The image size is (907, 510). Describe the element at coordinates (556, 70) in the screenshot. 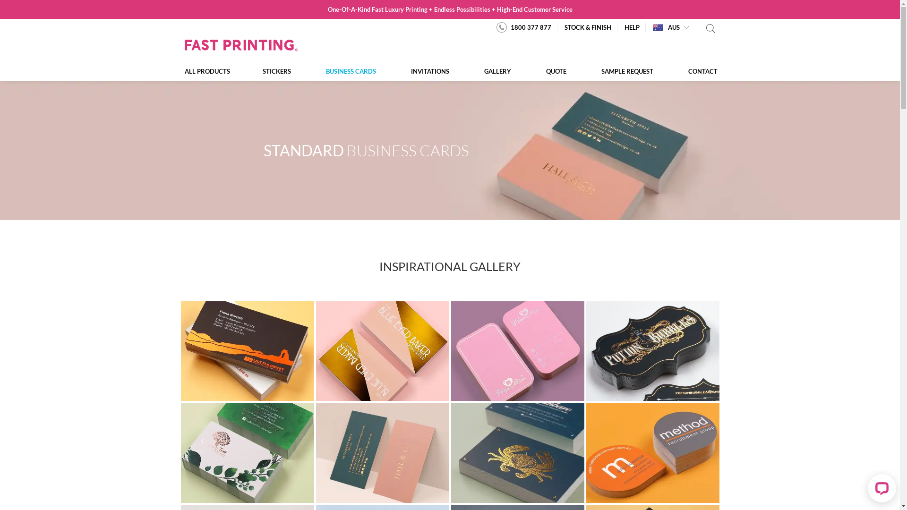

I see `'QUOTE'` at that location.